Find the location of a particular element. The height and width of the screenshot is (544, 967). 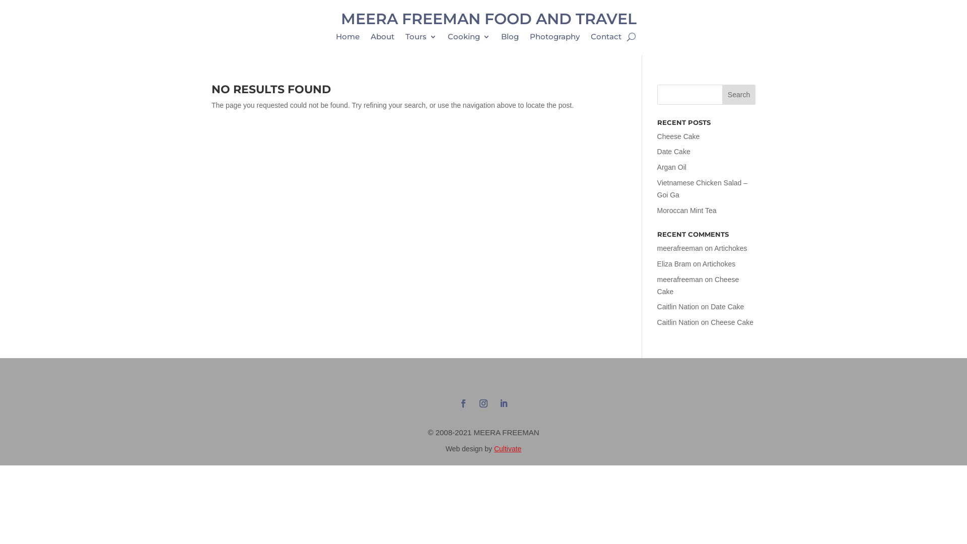

'Follow on LinkedIn' is located at coordinates (503, 403).